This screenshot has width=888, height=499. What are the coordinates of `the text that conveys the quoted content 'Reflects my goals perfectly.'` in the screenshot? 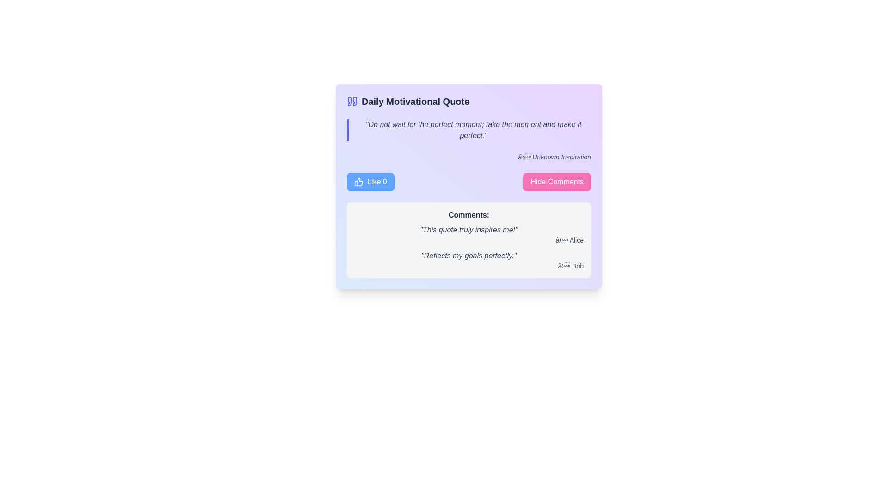 It's located at (469, 256).